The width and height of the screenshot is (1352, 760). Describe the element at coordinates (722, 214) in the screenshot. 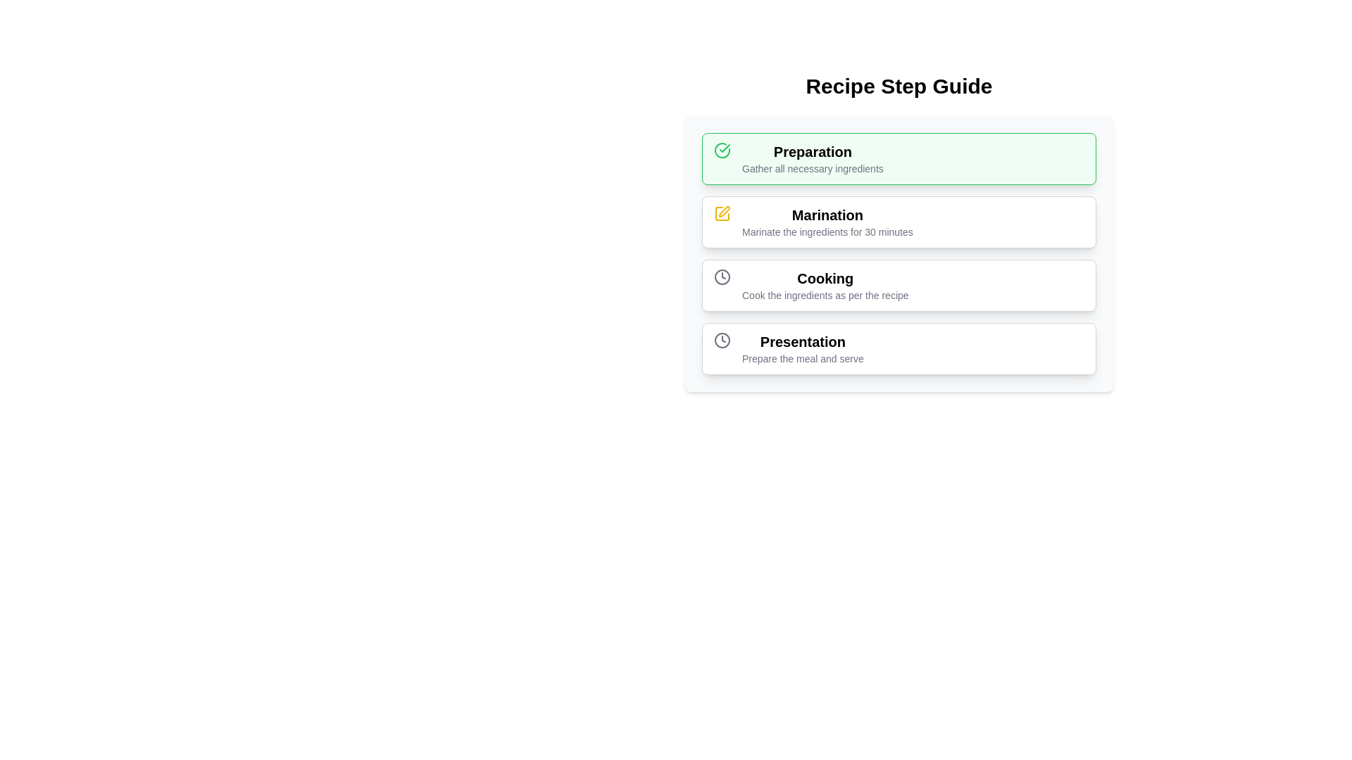

I see `the small yellow pencil icon located at the top-left corner of the 'Marination' list item` at that location.